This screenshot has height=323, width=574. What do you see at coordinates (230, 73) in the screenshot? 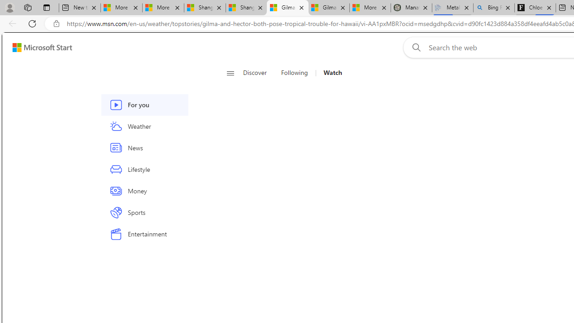
I see `'Class: button-glyph'` at bounding box center [230, 73].